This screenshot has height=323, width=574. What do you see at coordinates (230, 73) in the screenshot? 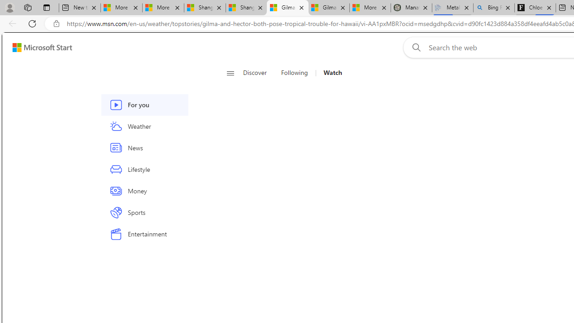
I see `'Class: button-glyph'` at bounding box center [230, 73].